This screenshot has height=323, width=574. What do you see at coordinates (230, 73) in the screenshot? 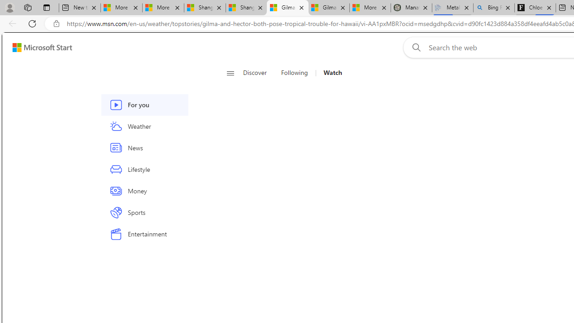
I see `'Class: button-glyph'` at bounding box center [230, 73].